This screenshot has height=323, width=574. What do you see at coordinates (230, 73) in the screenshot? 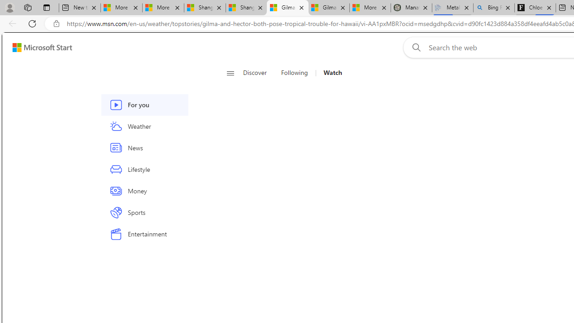
I see `'Class: button-glyph'` at bounding box center [230, 73].